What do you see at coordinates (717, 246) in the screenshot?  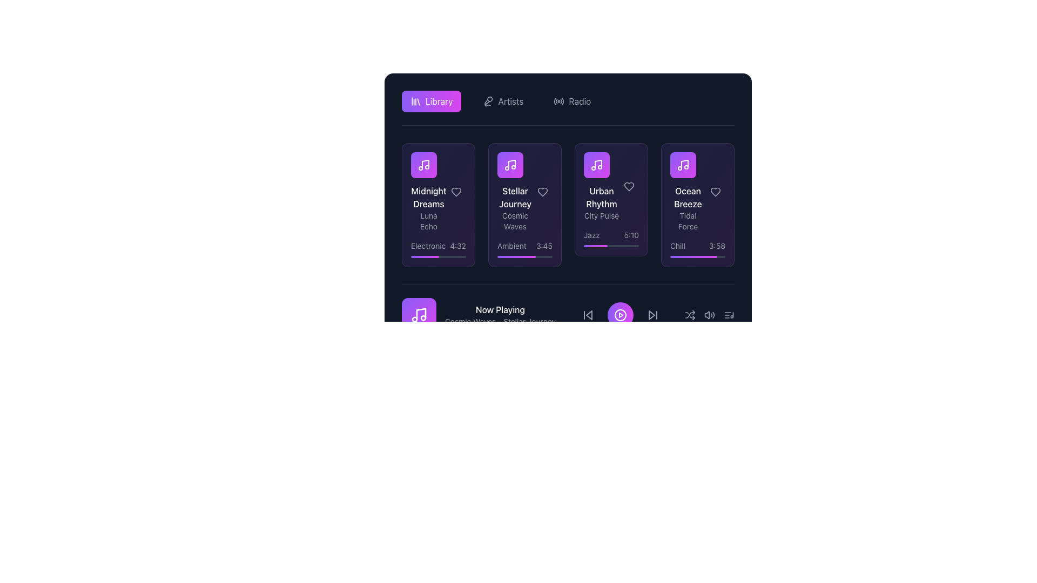 I see `displayed information from the text label indicating the duration of the audio track located at the bottom-right of the 'Chill' card` at bounding box center [717, 246].